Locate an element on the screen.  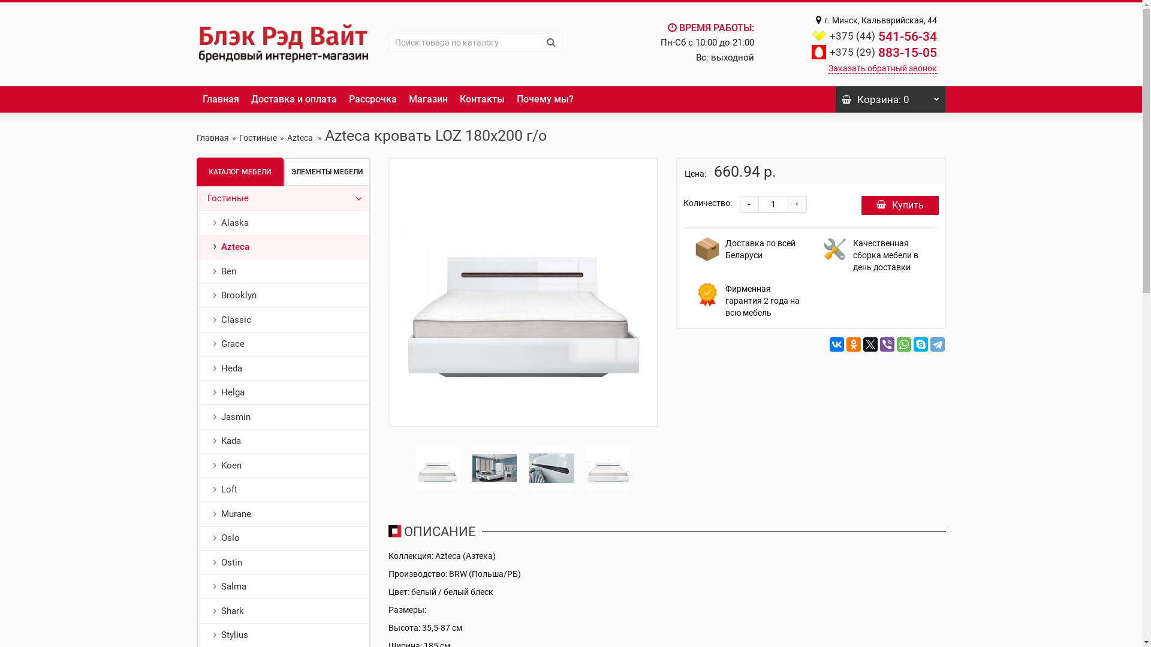
'Jasmin' is located at coordinates (283, 416).